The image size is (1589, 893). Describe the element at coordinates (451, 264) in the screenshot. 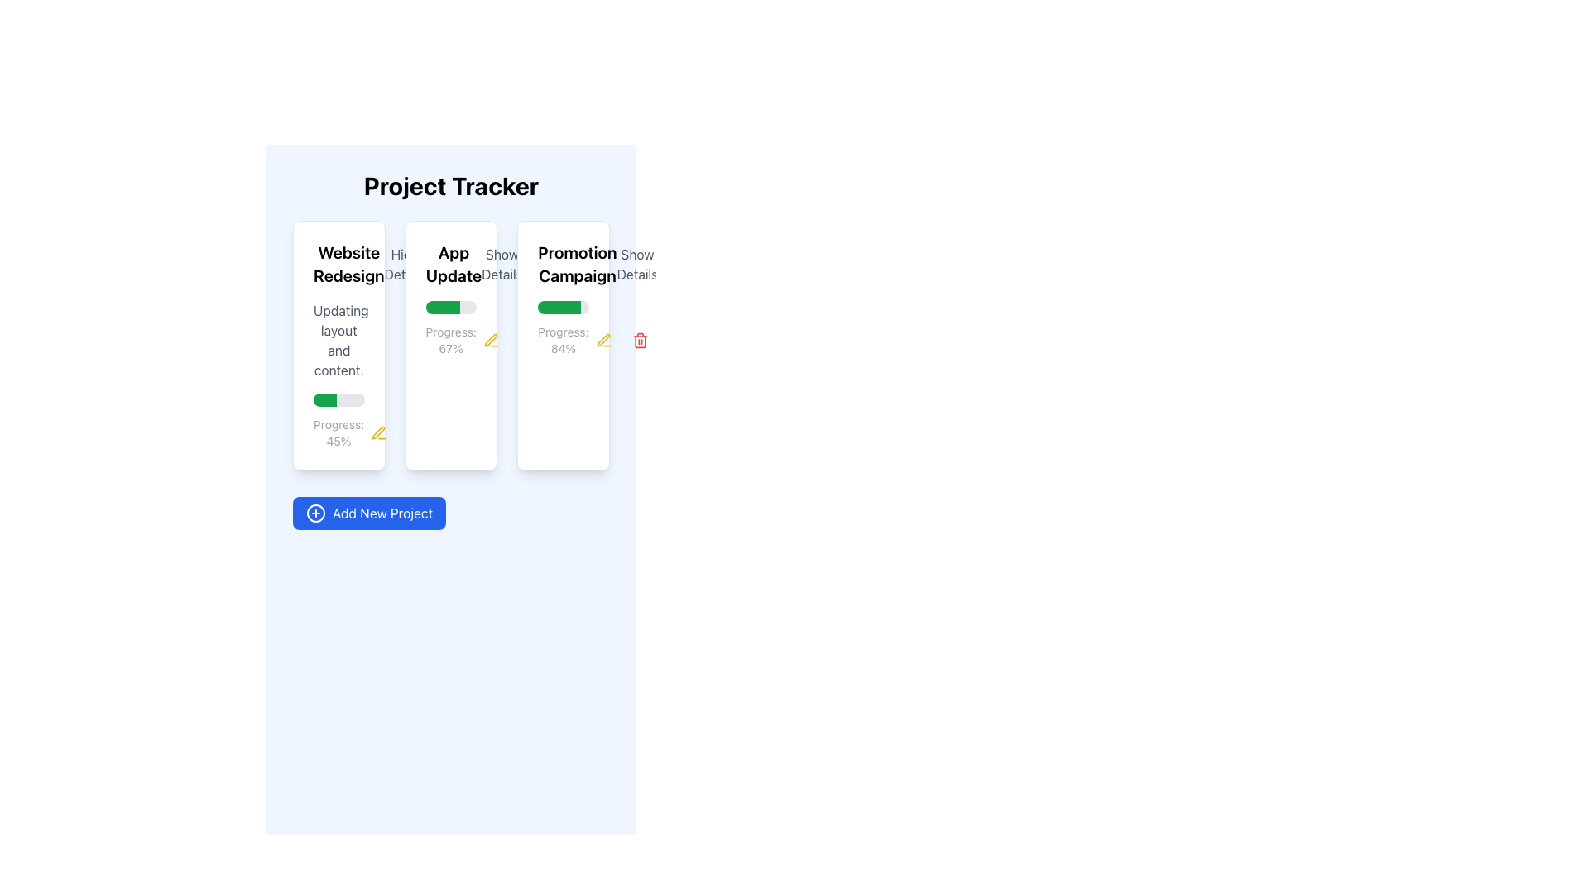

I see `the prominently styled 'App Update' text label located at the top of the card in the center of the interface` at that location.